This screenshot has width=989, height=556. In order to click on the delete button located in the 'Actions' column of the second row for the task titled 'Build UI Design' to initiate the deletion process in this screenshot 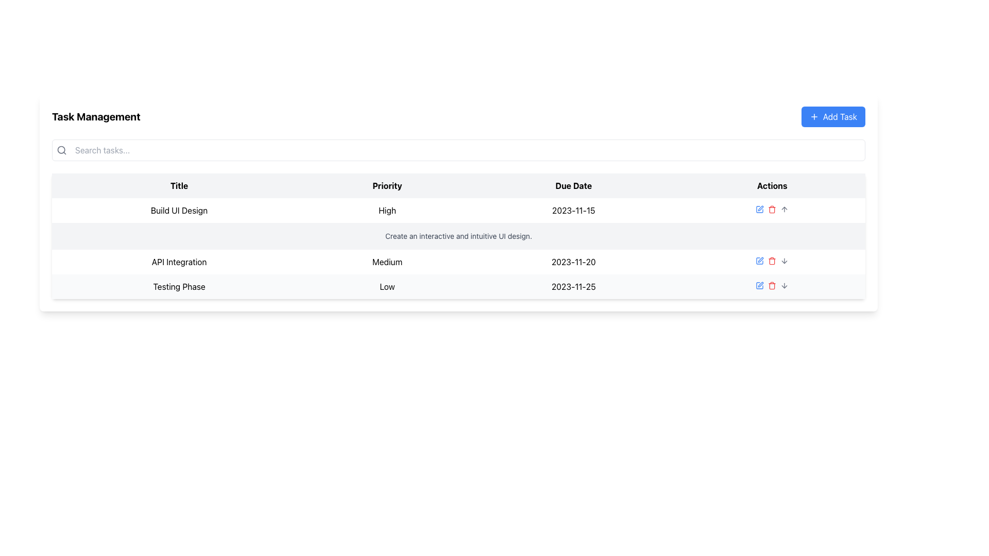, I will do `click(772, 209)`.